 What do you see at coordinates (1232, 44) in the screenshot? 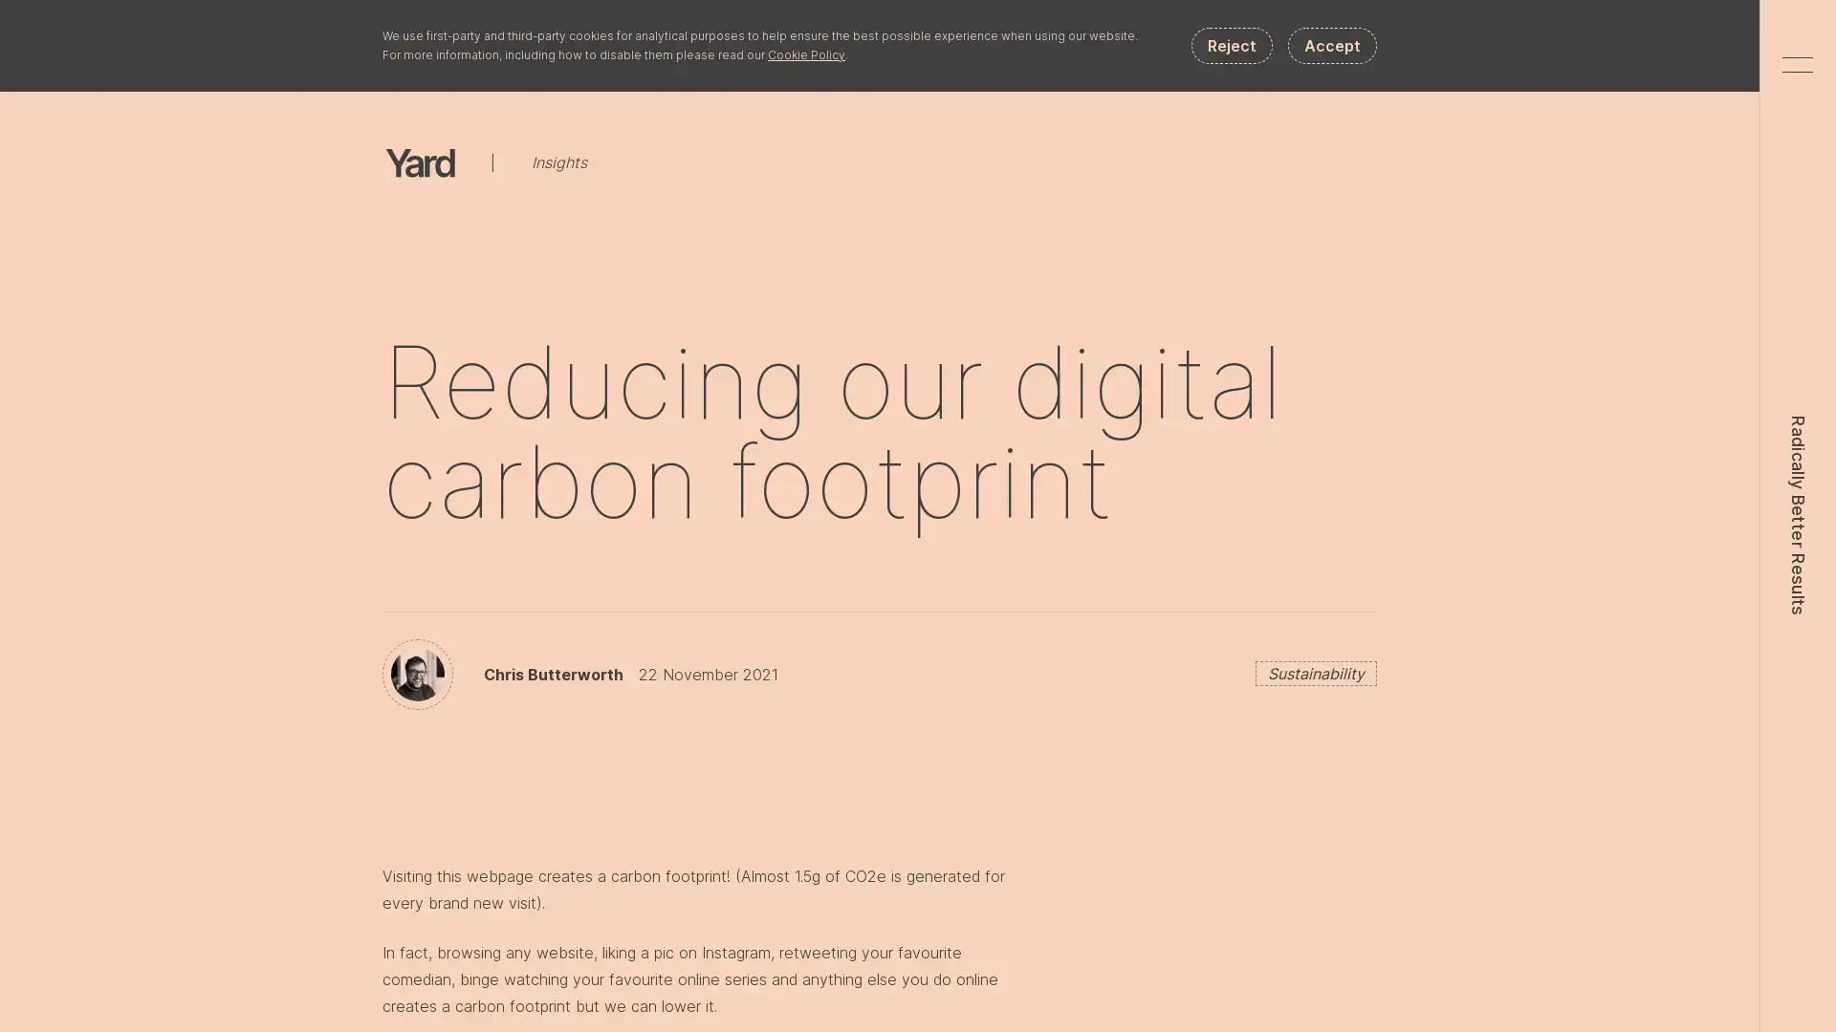
I see `Reject` at bounding box center [1232, 44].